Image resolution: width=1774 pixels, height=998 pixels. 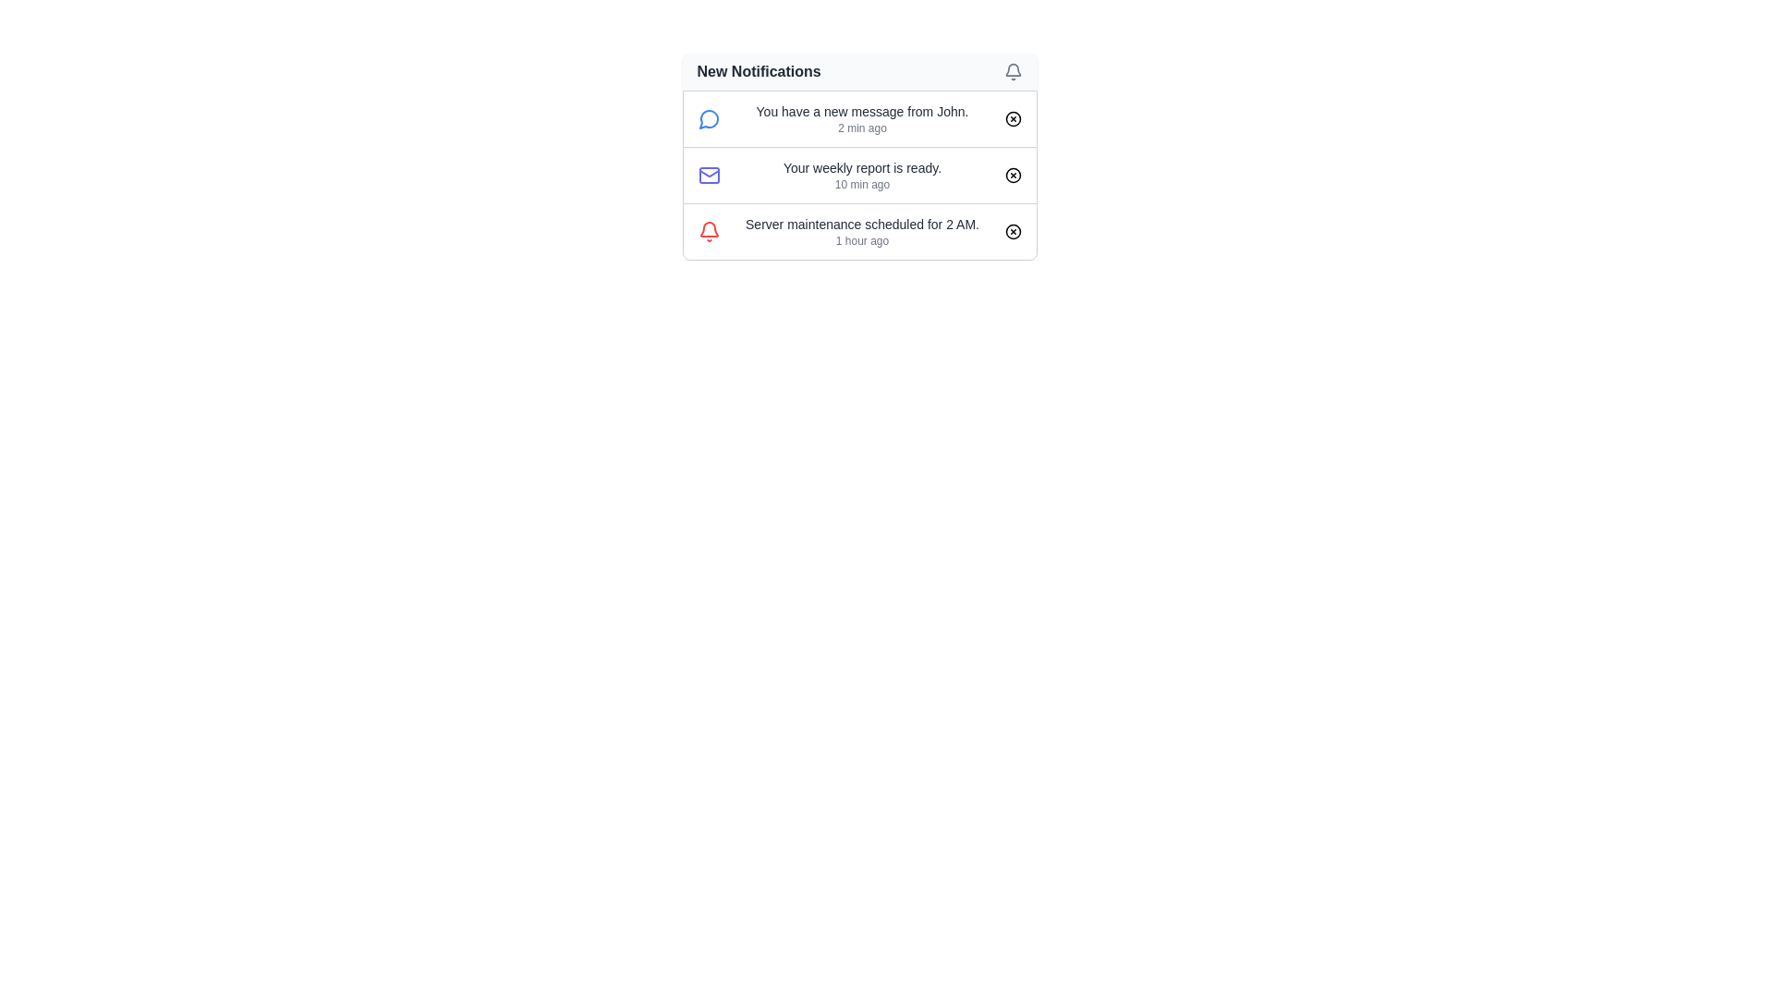 What do you see at coordinates (858, 175) in the screenshot?
I see `the second notification item which includes a mail icon, message, timestamp '10 min ago', and a close button with an 'x'` at bounding box center [858, 175].